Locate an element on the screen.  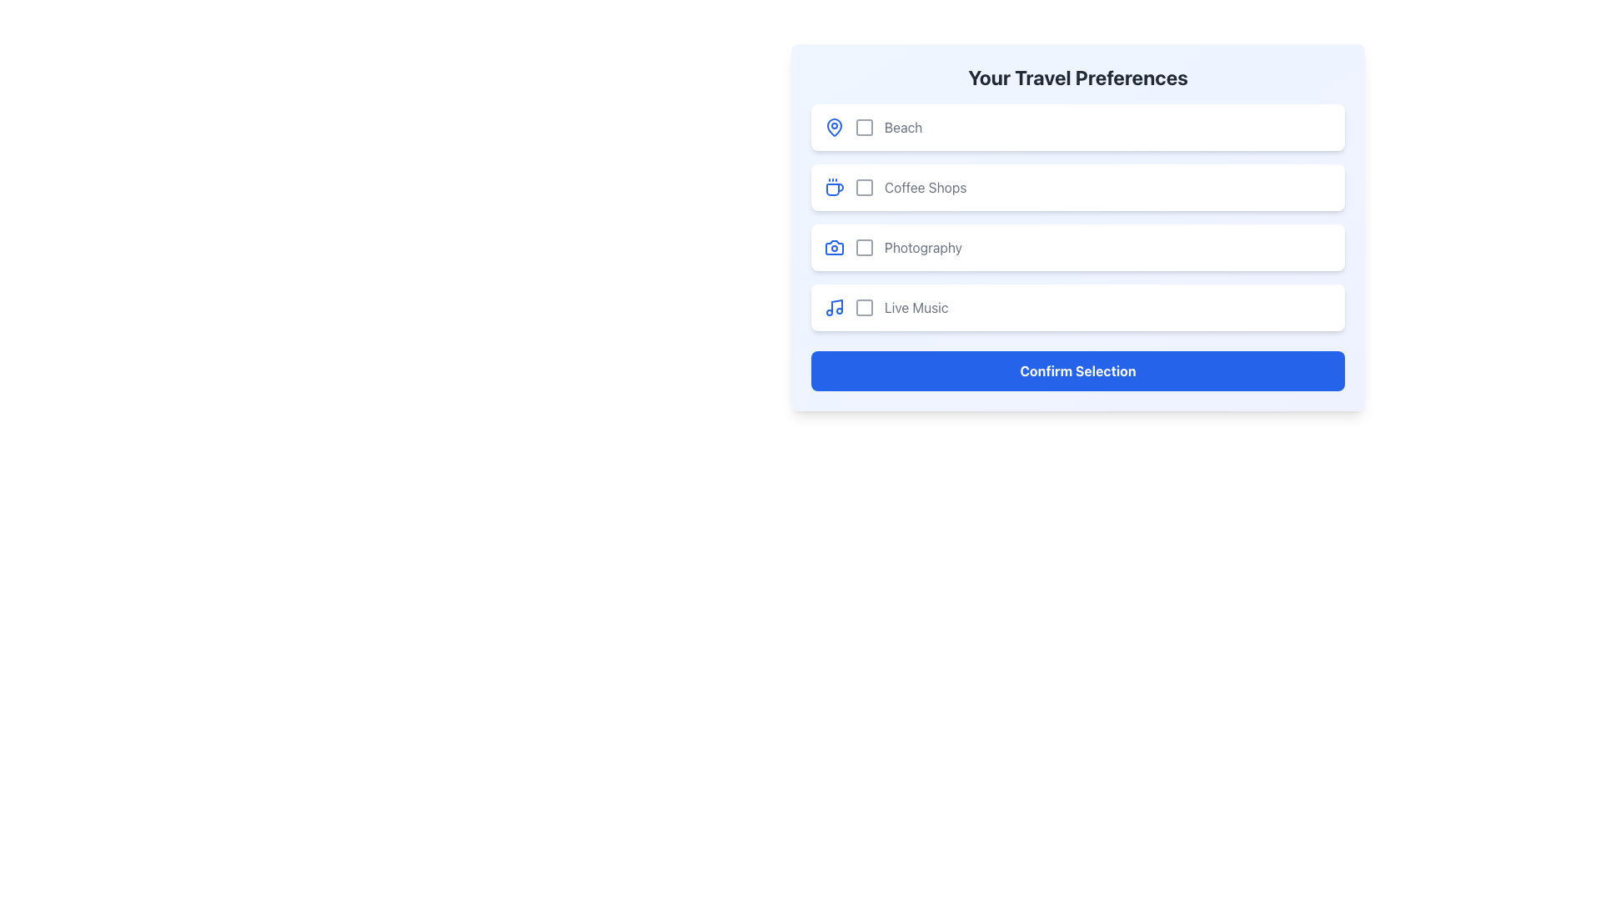
the checkbox for the 'Coffee Shops' list item is located at coordinates (864, 187).